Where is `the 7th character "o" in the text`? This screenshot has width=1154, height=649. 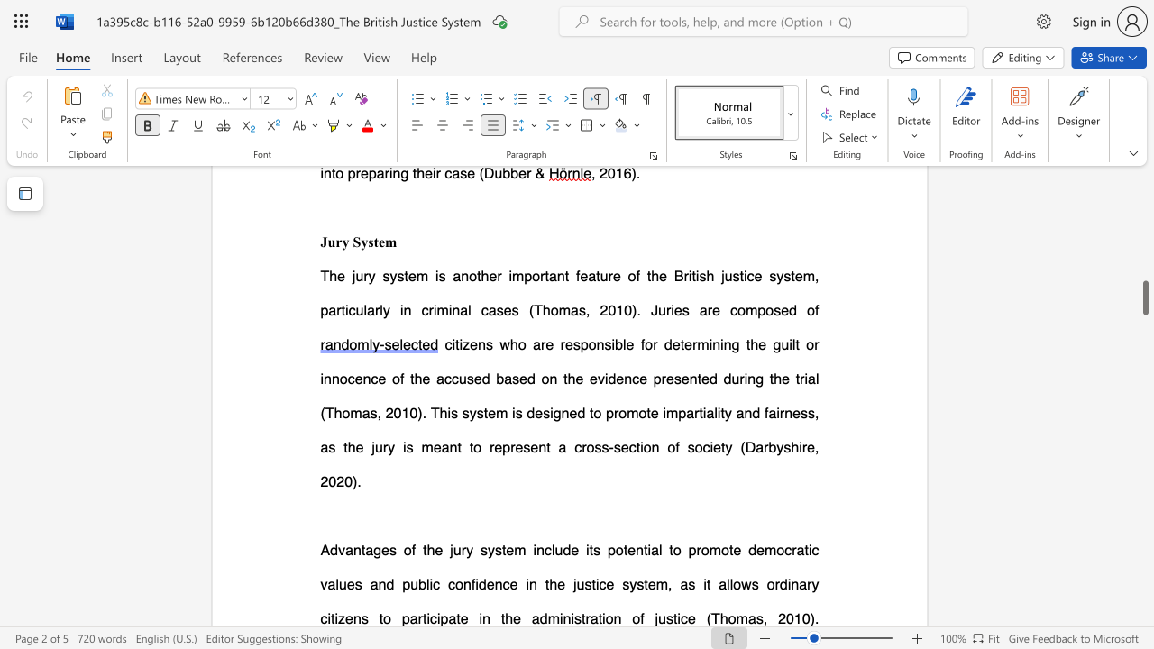 the 7th character "o" in the text is located at coordinates (622, 413).